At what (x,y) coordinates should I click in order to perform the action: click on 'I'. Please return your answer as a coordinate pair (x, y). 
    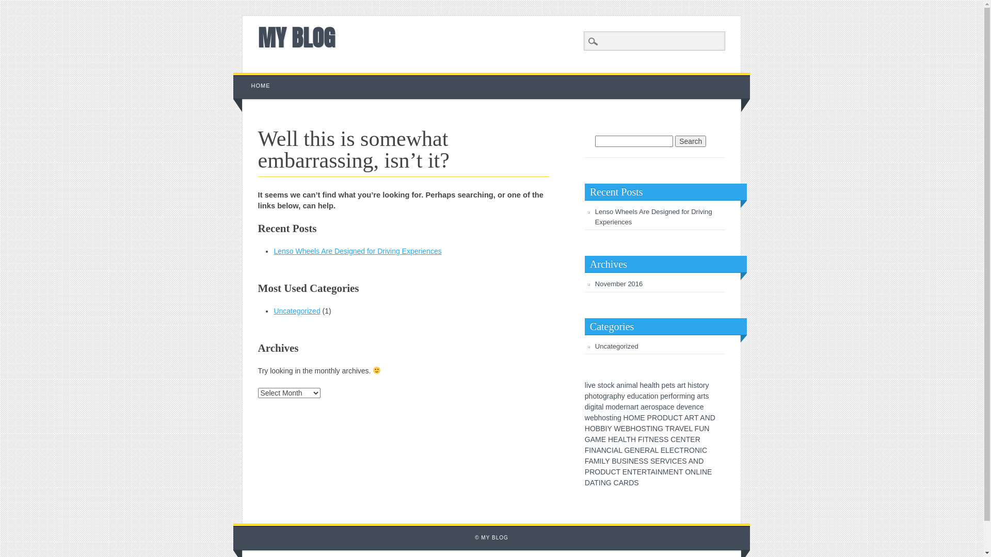
    Looking at the image, I should click on (643, 439).